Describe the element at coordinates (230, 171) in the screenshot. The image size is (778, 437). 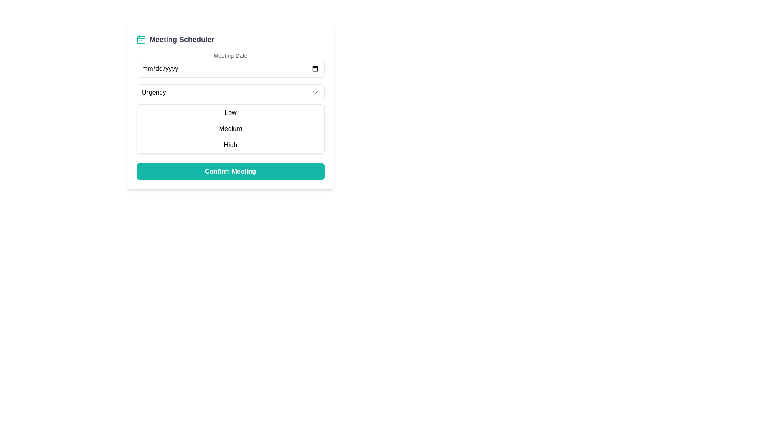
I see `the 'Confirm Meeting' button, which is a teal rectangular button with white bold text, located at the bottom of the meeting scheduling layout` at that location.